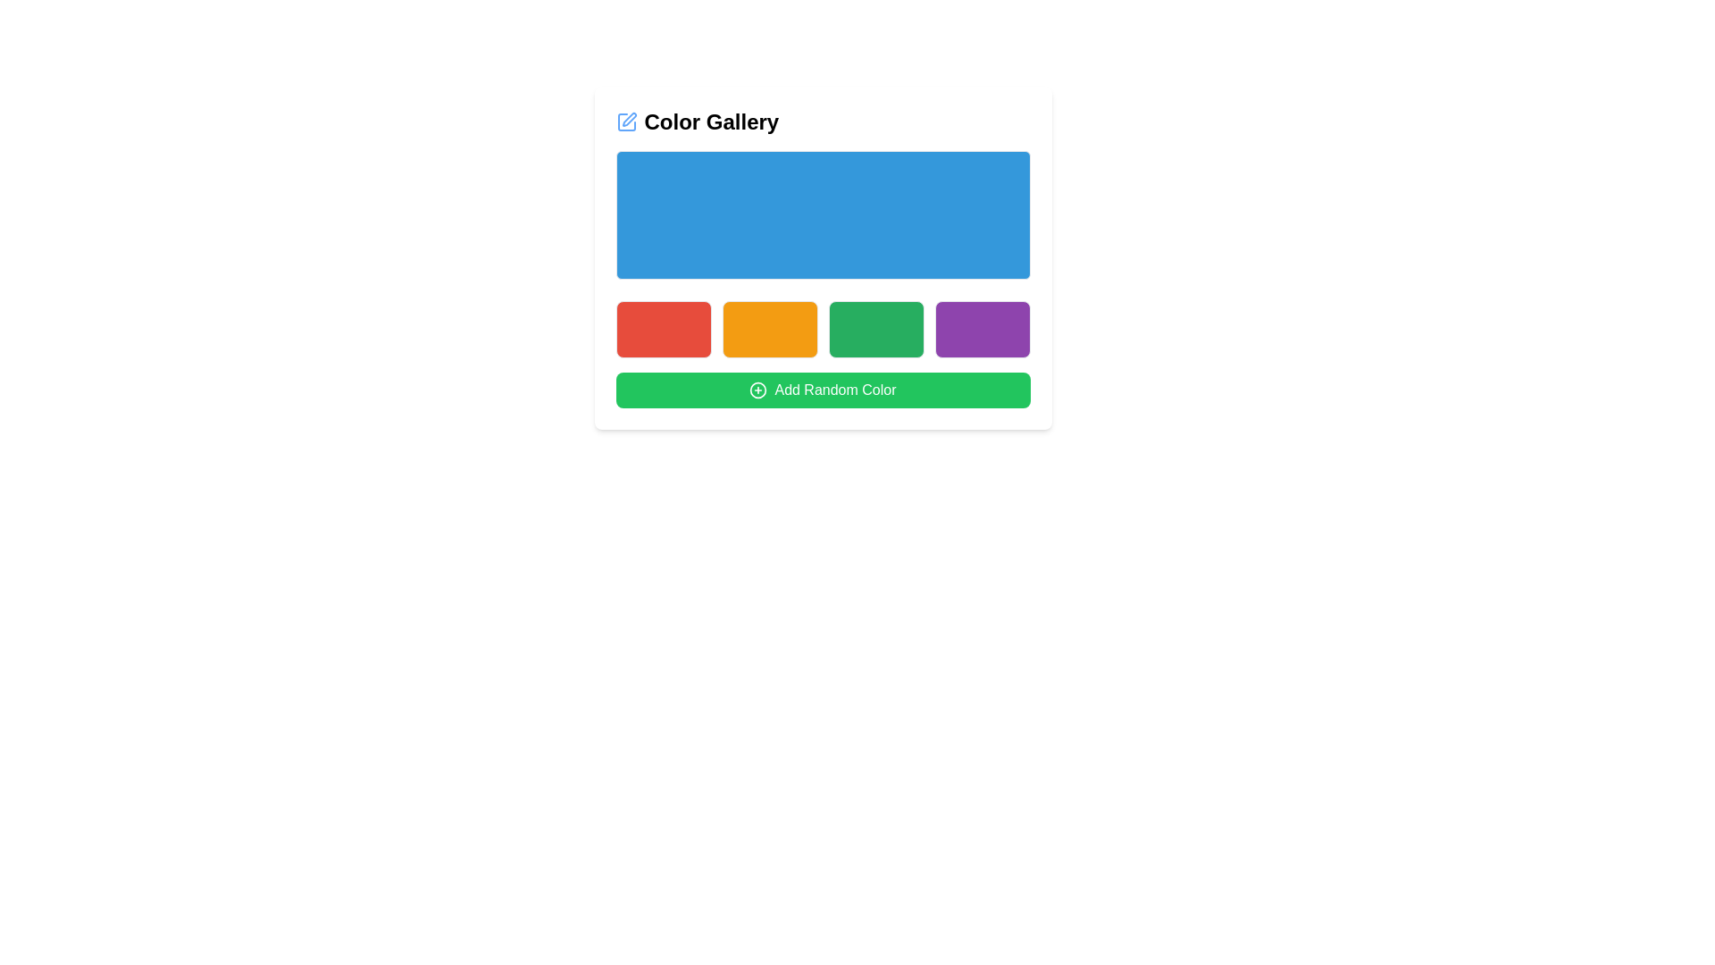 The height and width of the screenshot is (965, 1715). What do you see at coordinates (981, 330) in the screenshot?
I see `the fourth interactive button with a purple background` at bounding box center [981, 330].